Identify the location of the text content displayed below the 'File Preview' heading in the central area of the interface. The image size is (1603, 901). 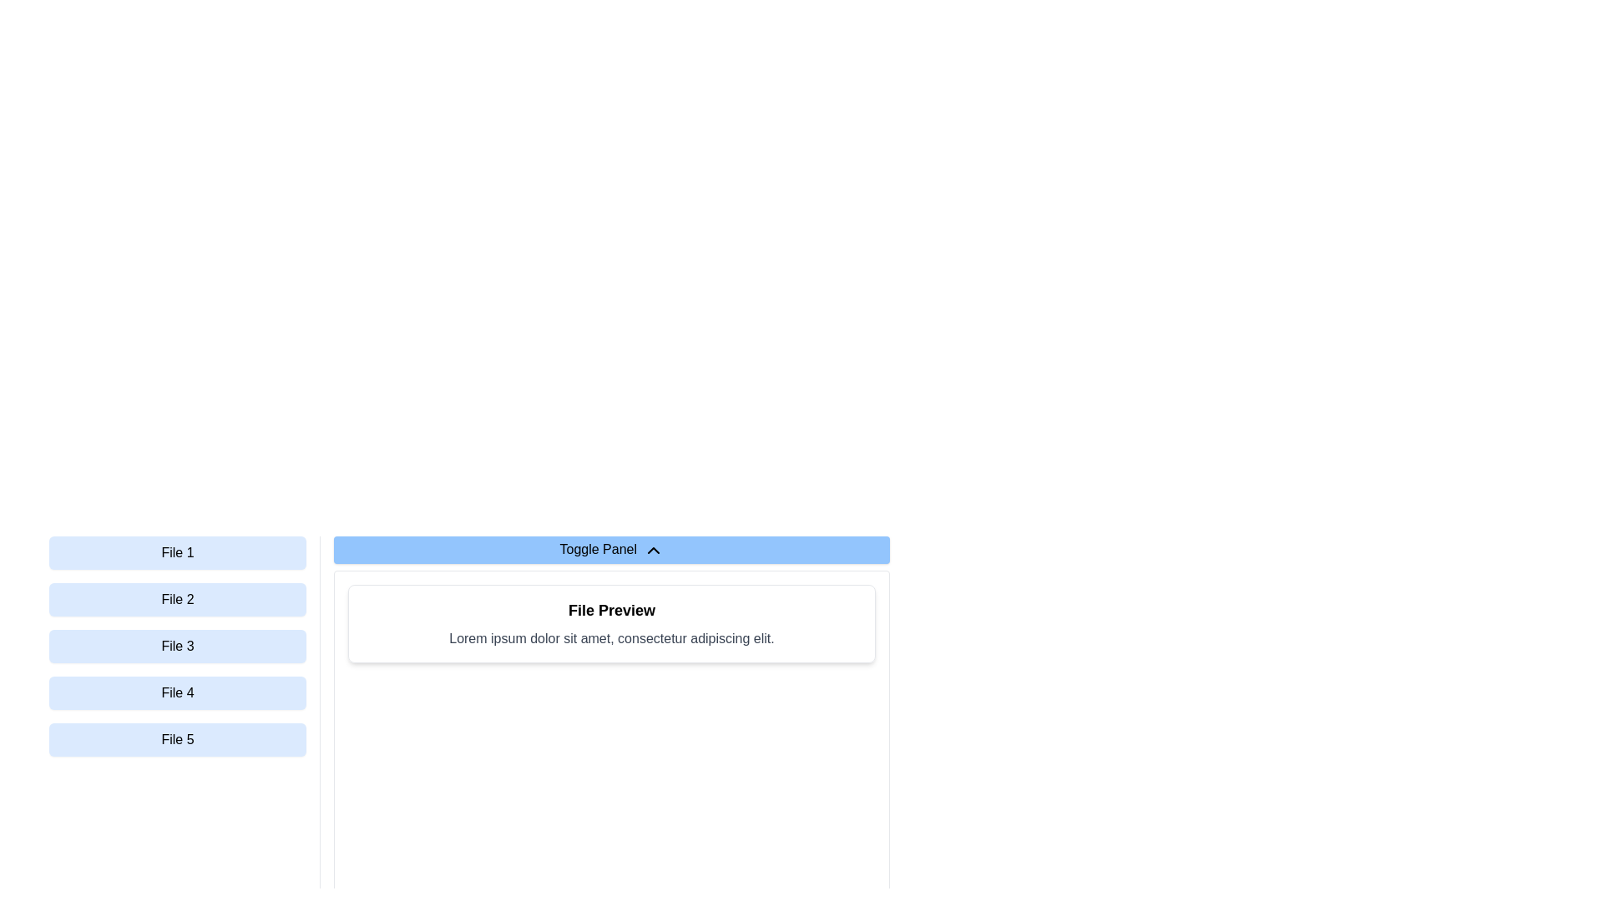
(611, 637).